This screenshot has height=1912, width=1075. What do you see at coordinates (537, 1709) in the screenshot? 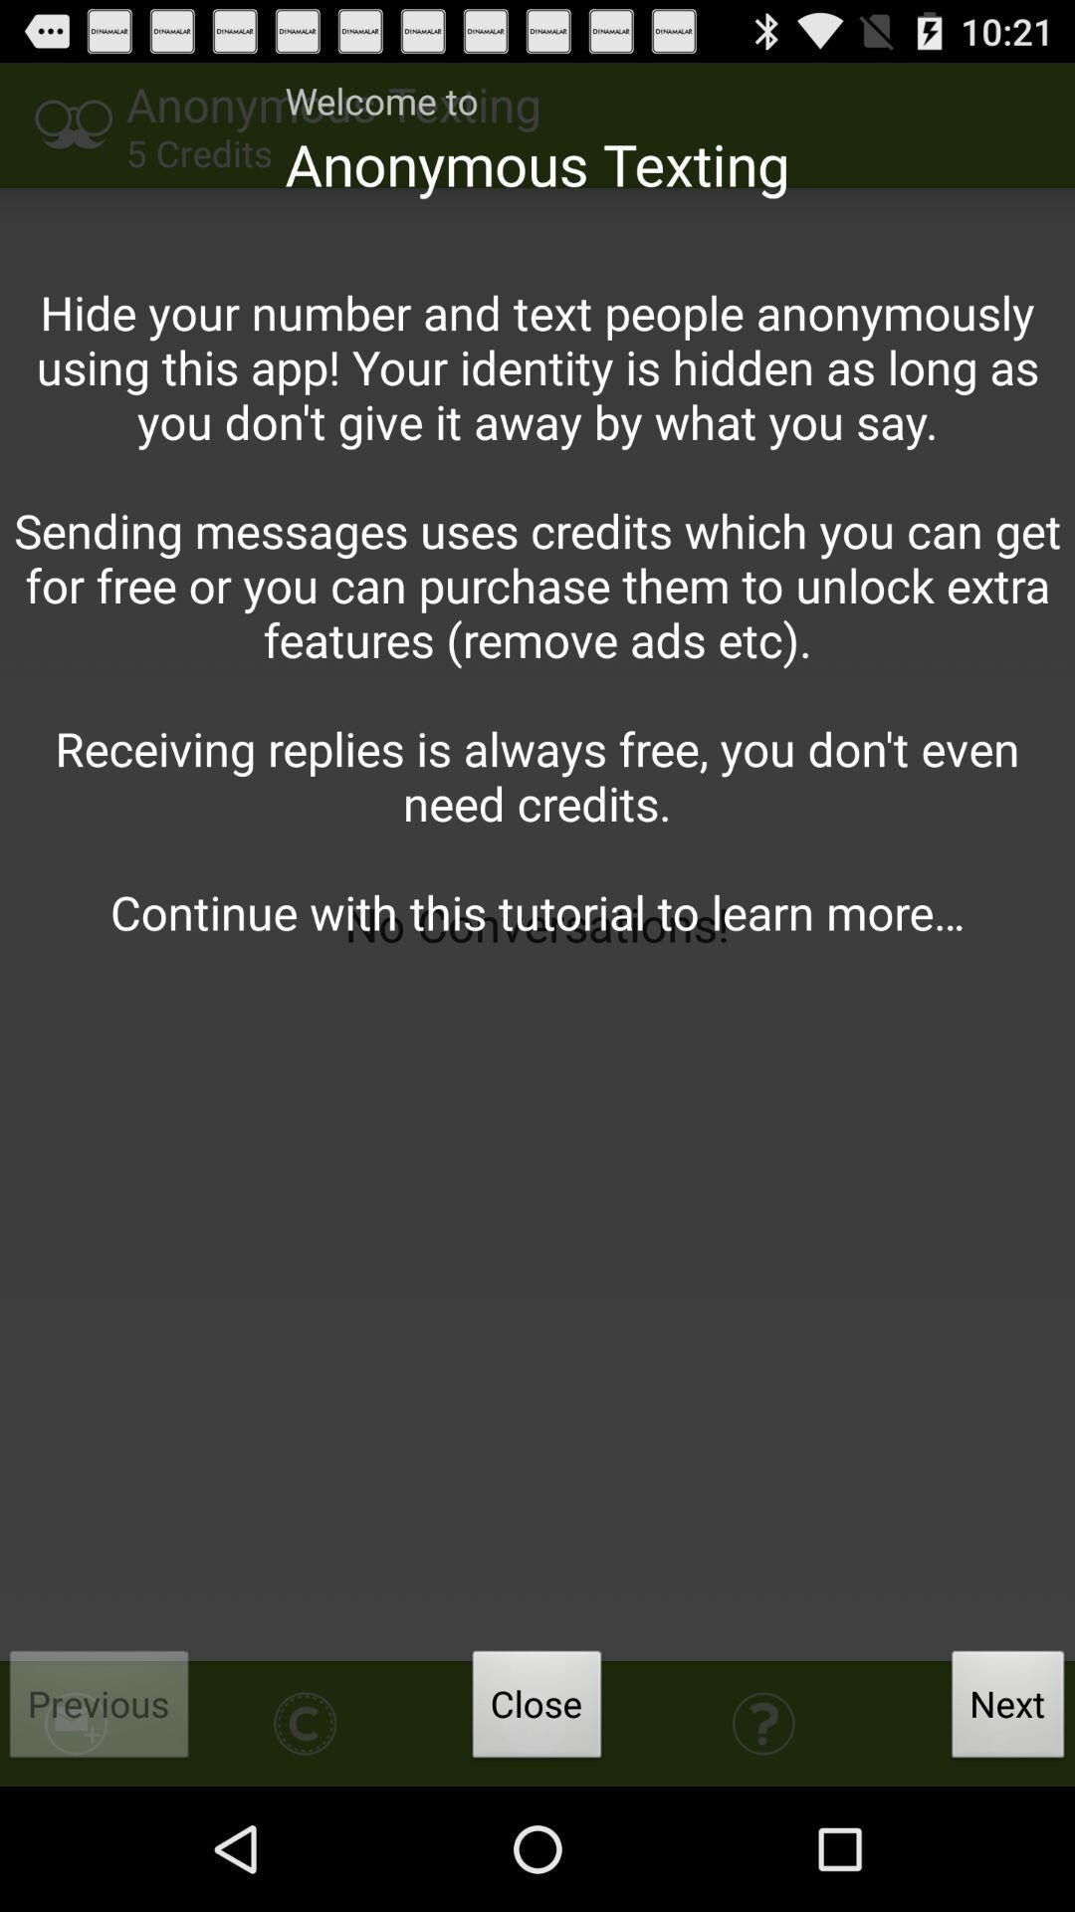
I see `the close button` at bounding box center [537, 1709].